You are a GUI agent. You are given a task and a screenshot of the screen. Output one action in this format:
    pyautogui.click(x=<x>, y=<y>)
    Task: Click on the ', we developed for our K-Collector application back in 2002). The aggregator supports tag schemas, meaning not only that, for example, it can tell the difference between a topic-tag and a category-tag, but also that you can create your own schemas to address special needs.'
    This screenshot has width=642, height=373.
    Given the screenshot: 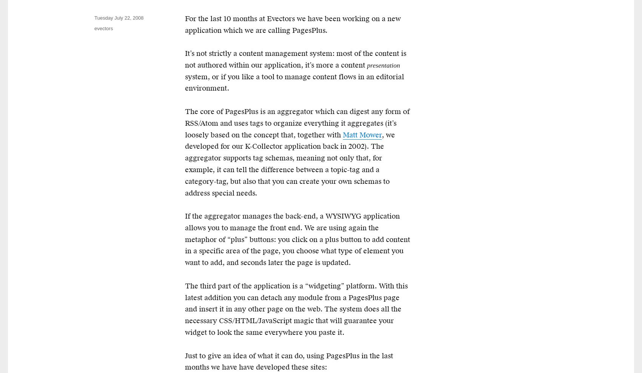 What is the action you would take?
    pyautogui.click(x=290, y=163)
    